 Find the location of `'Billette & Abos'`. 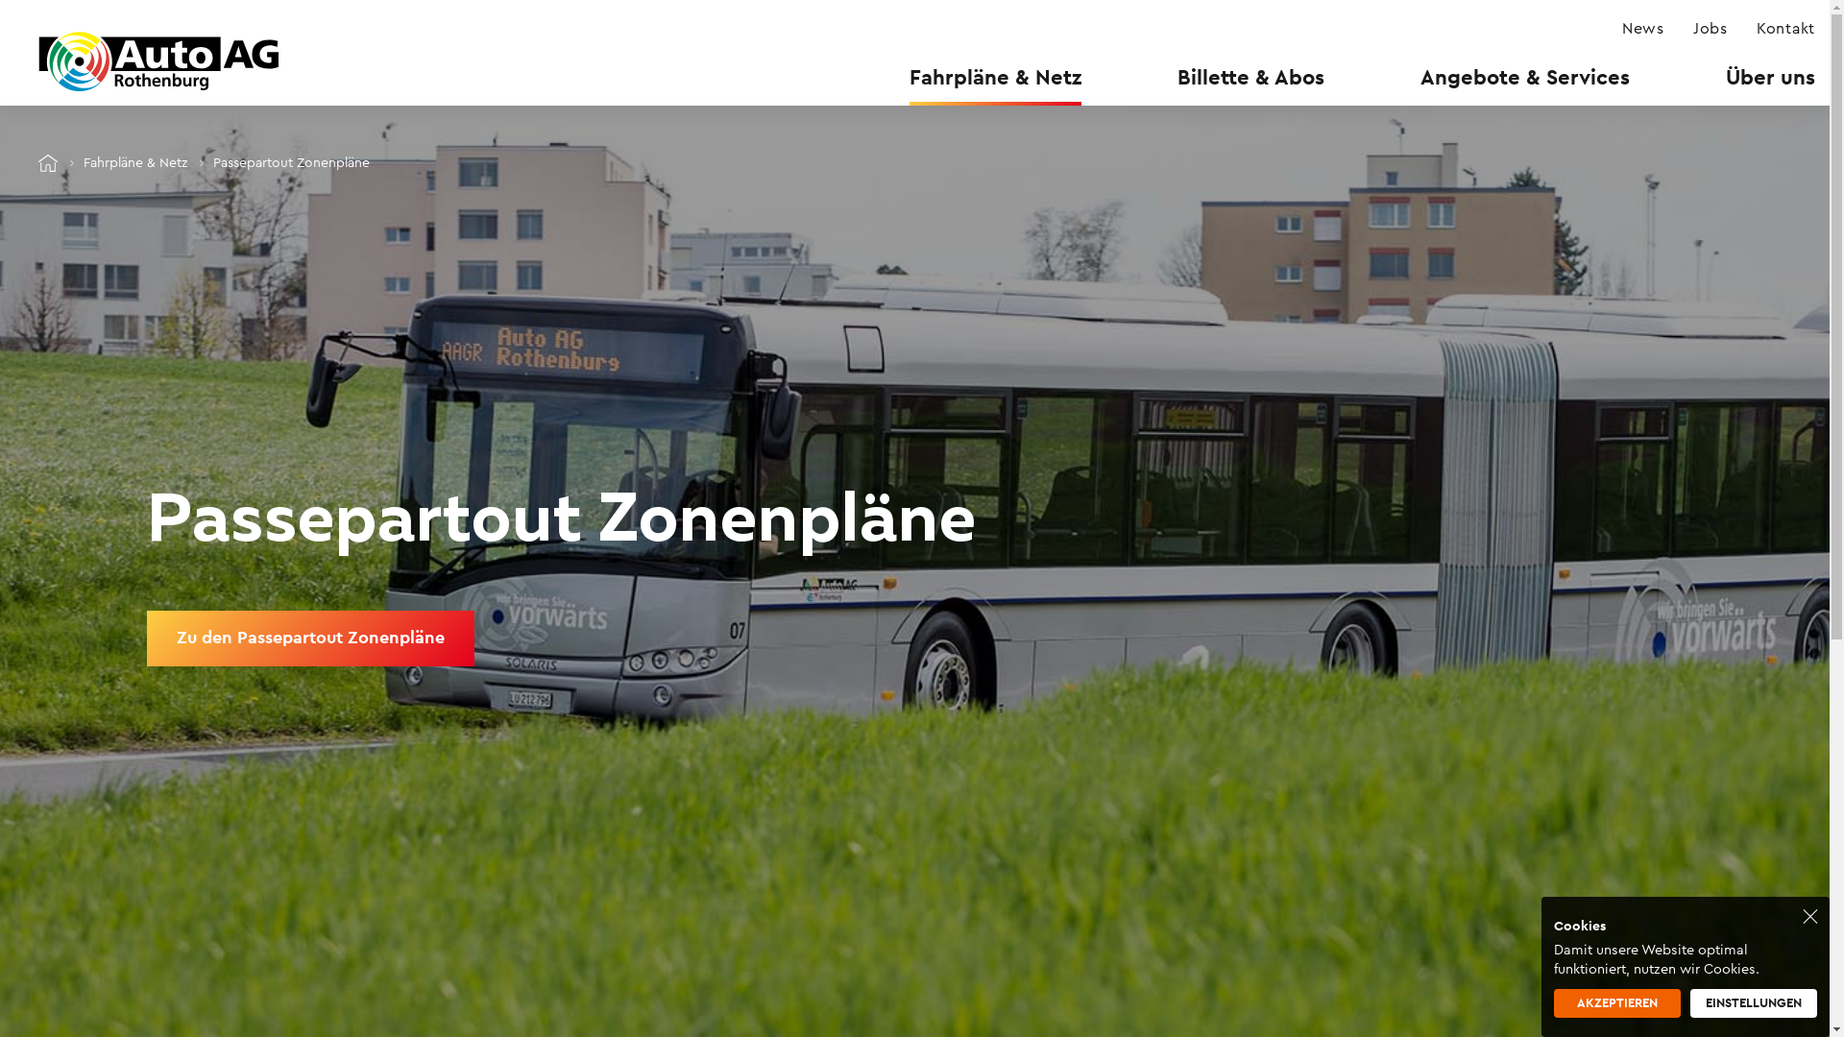

'Billette & Abos' is located at coordinates (1250, 76).